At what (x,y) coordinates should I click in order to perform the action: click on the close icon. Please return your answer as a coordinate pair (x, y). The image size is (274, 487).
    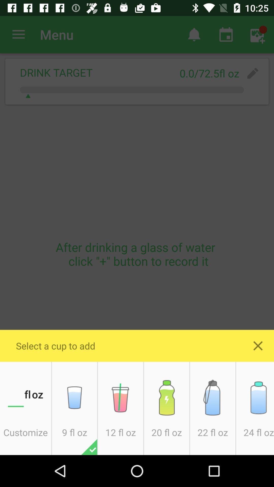
    Looking at the image, I should click on (258, 345).